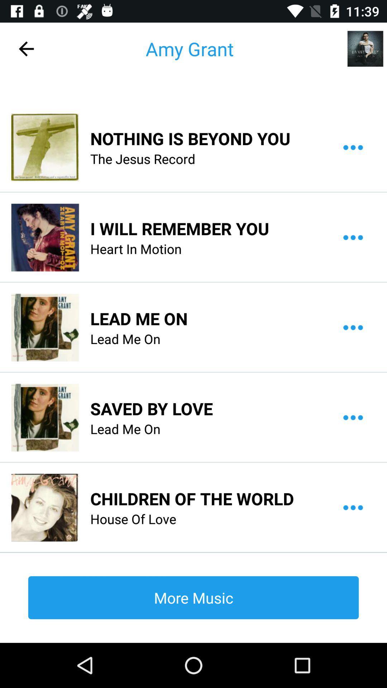 The image size is (387, 688). Describe the element at coordinates (190, 138) in the screenshot. I see `the icon above the the jesus record` at that location.